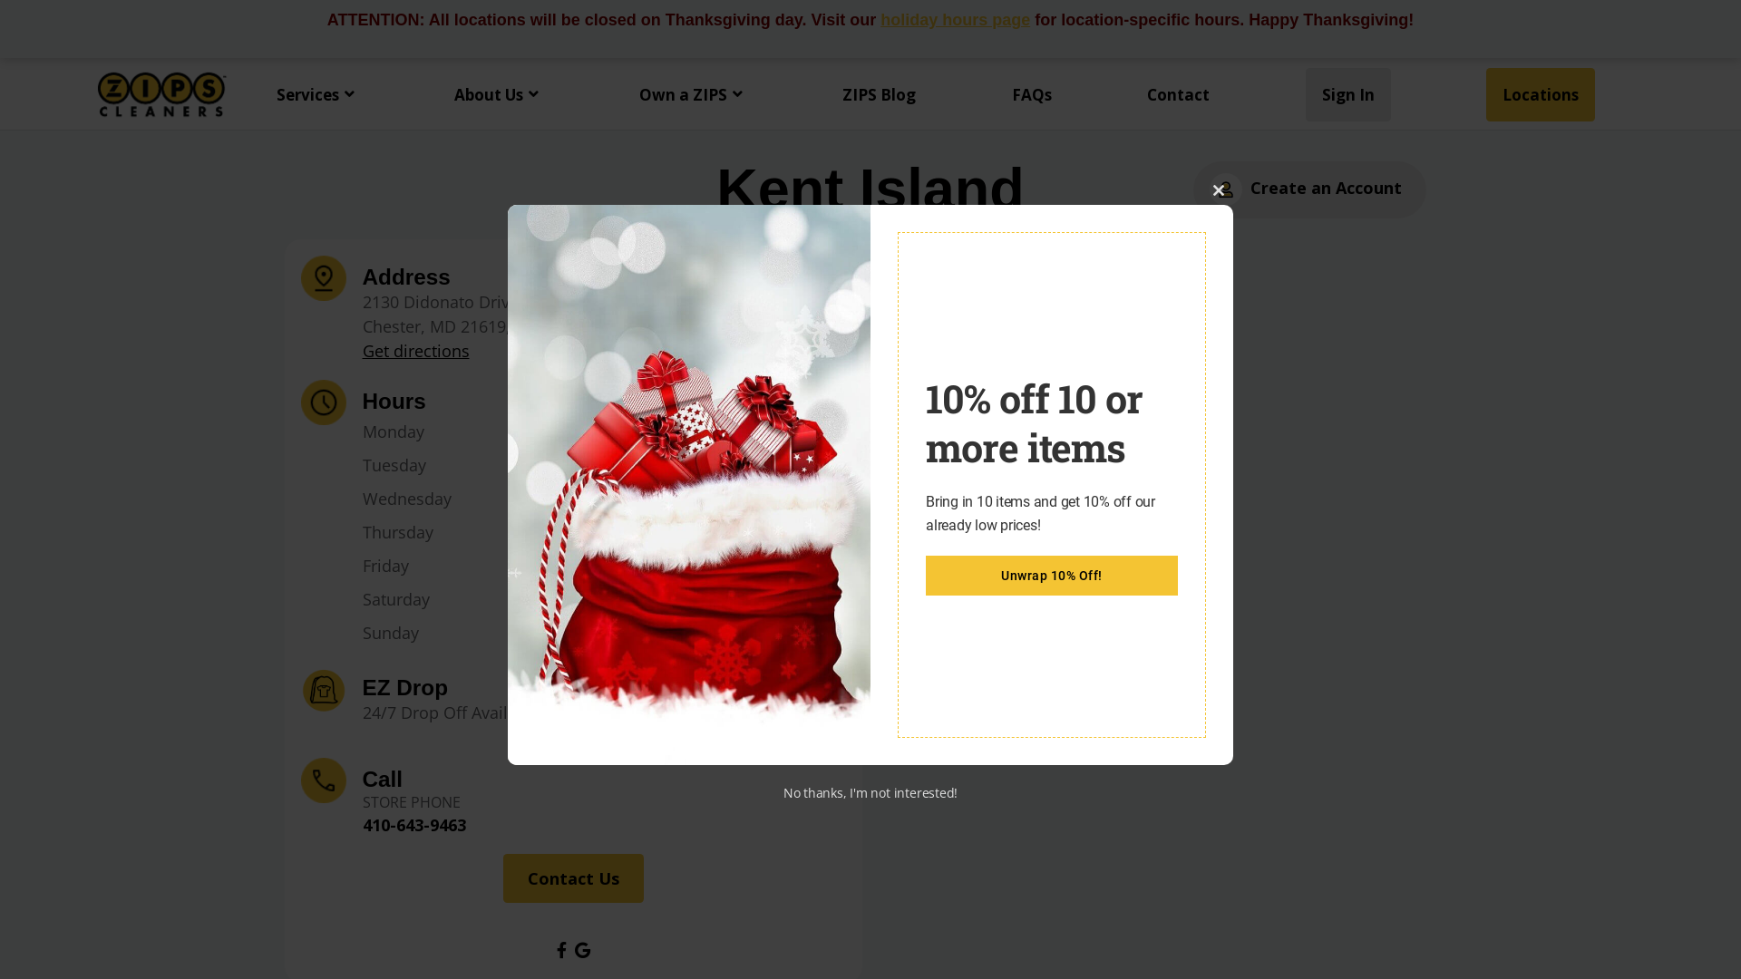 The width and height of the screenshot is (1741, 979). I want to click on 'Unwrap 10% Off!', so click(1052, 576).